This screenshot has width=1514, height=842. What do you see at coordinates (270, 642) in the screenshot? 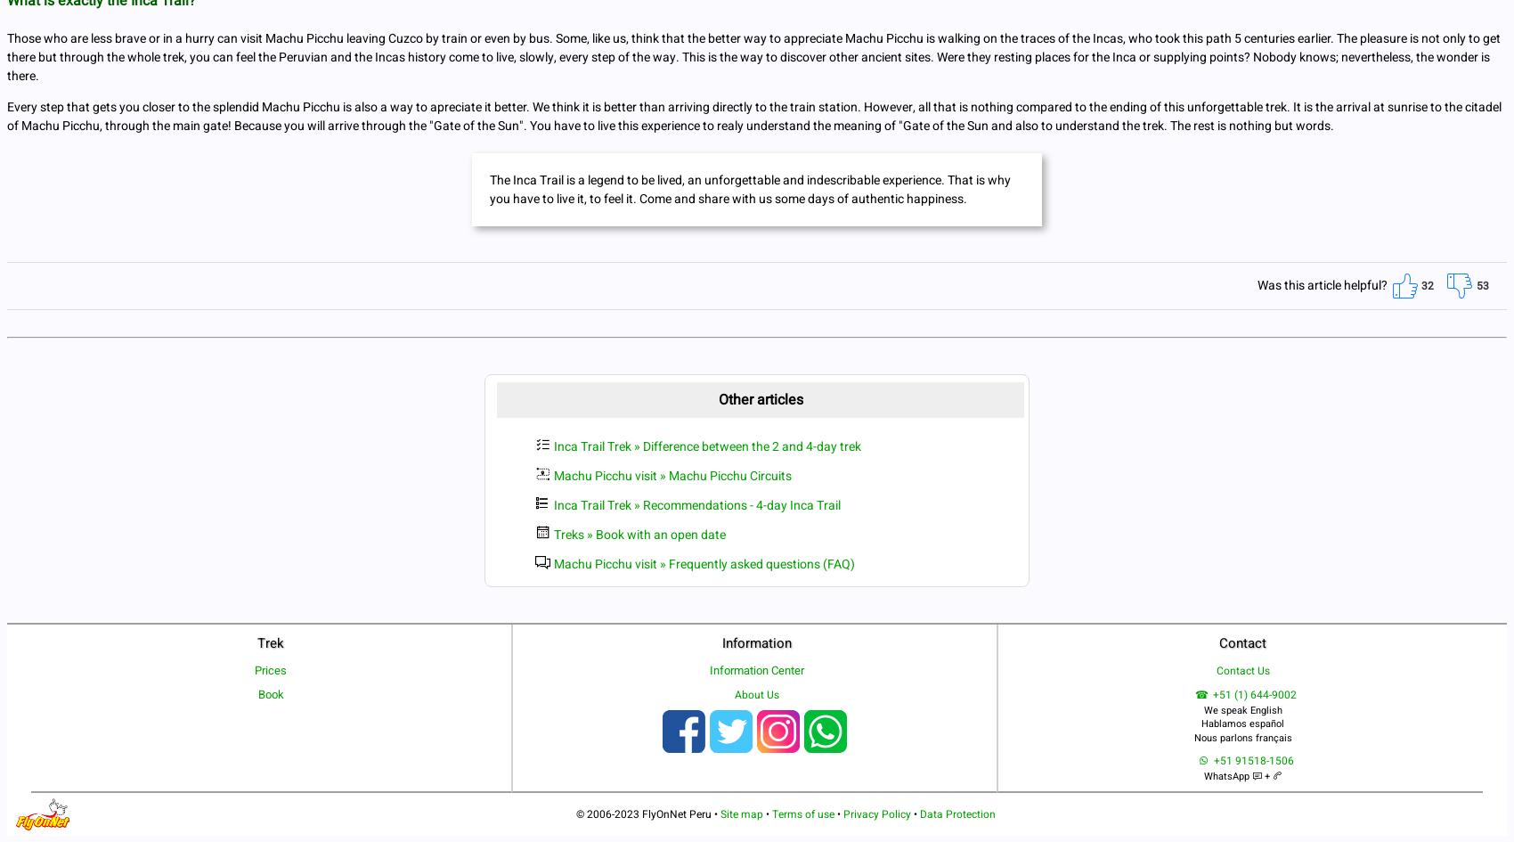
I see `'Trek'` at bounding box center [270, 642].